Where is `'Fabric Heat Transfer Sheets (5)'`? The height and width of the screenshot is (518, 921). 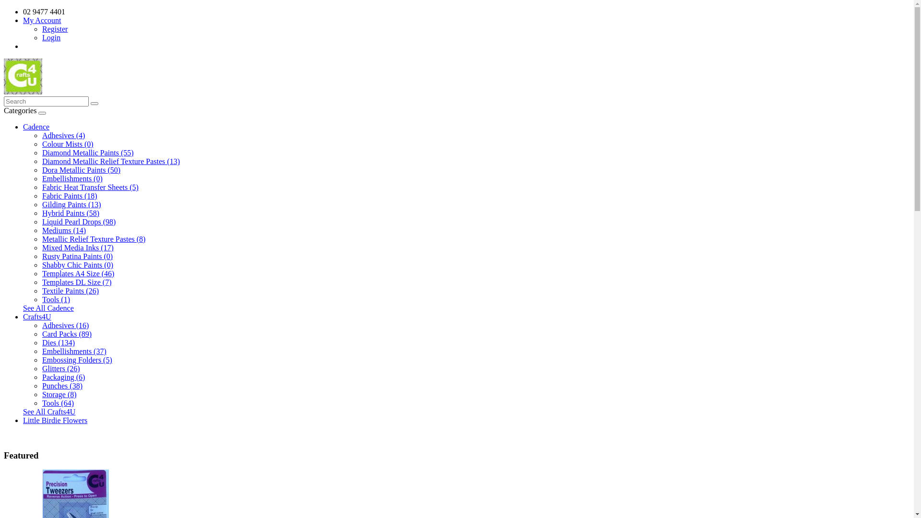 'Fabric Heat Transfer Sheets (5)' is located at coordinates (90, 187).